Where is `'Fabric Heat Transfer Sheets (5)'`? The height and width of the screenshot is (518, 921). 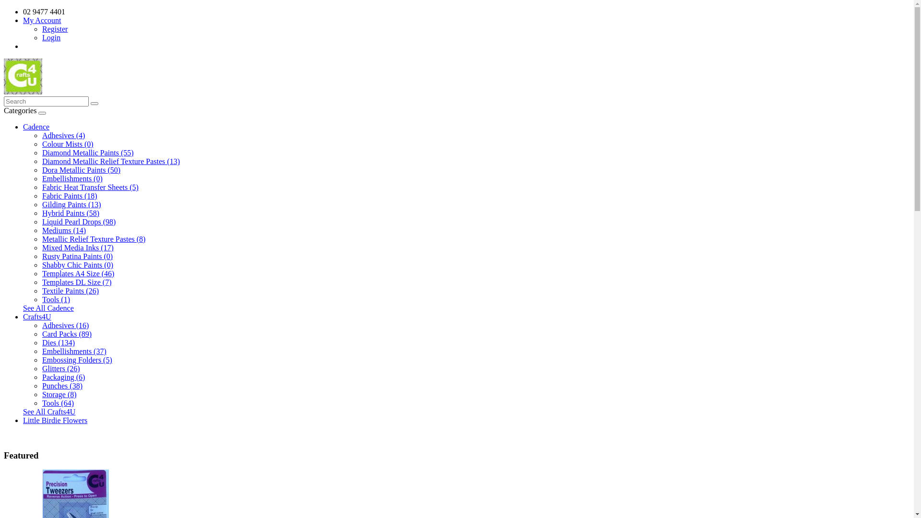 'Fabric Heat Transfer Sheets (5)' is located at coordinates (90, 187).